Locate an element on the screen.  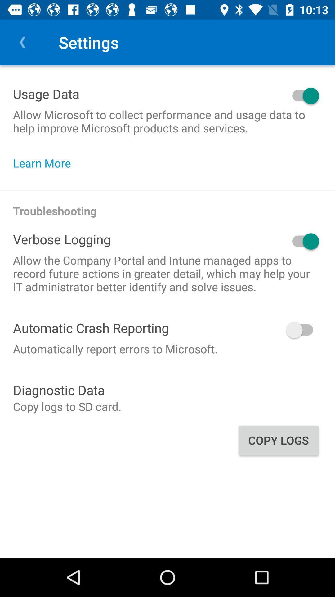
the learn more is located at coordinates (45, 163).